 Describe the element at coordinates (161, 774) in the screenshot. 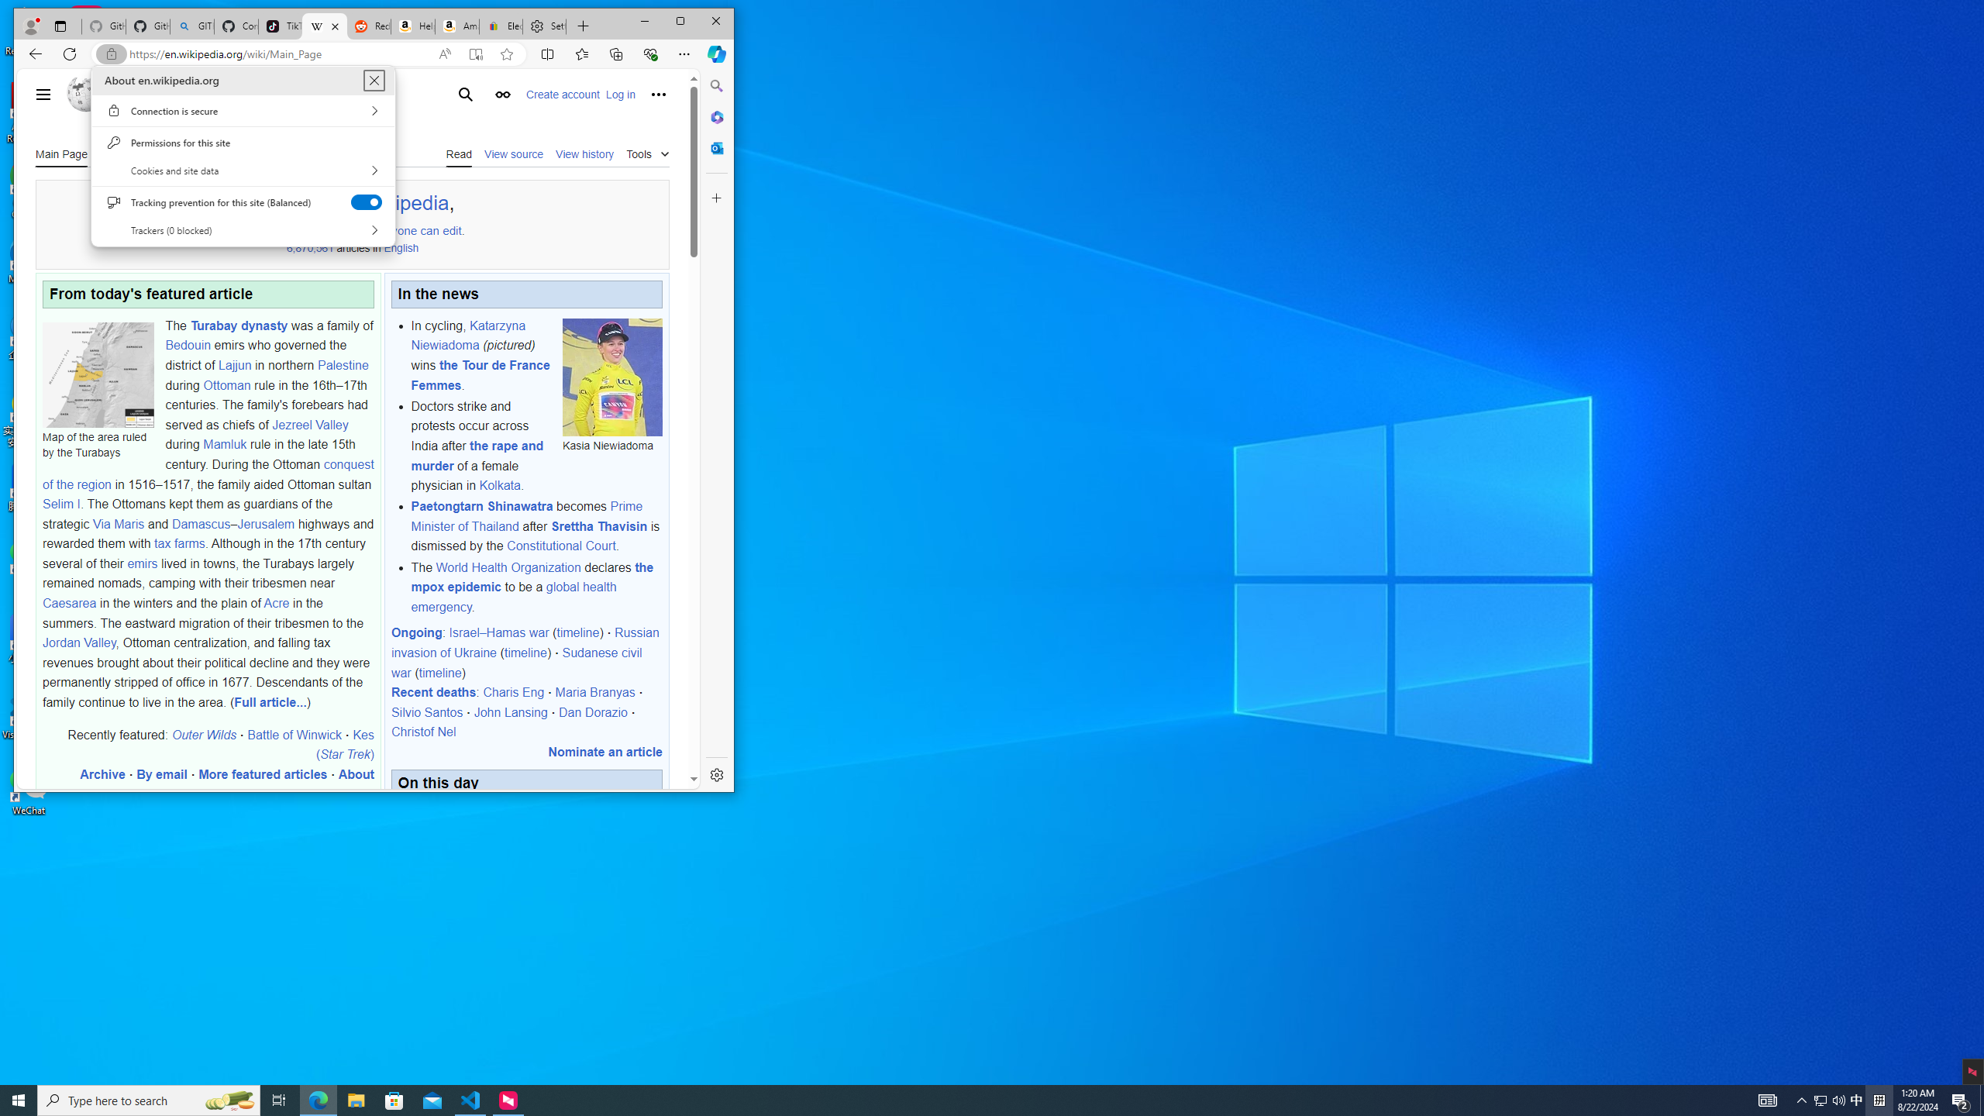

I see `'By email'` at that location.